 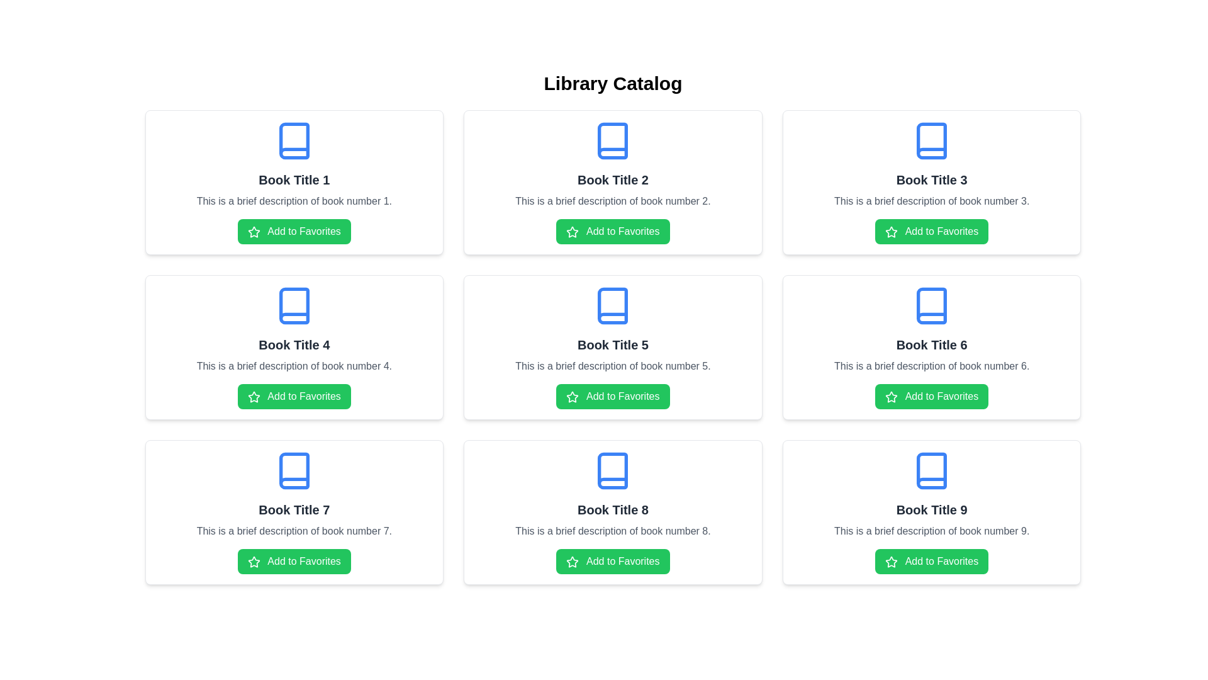 I want to click on the button, so click(x=932, y=395).